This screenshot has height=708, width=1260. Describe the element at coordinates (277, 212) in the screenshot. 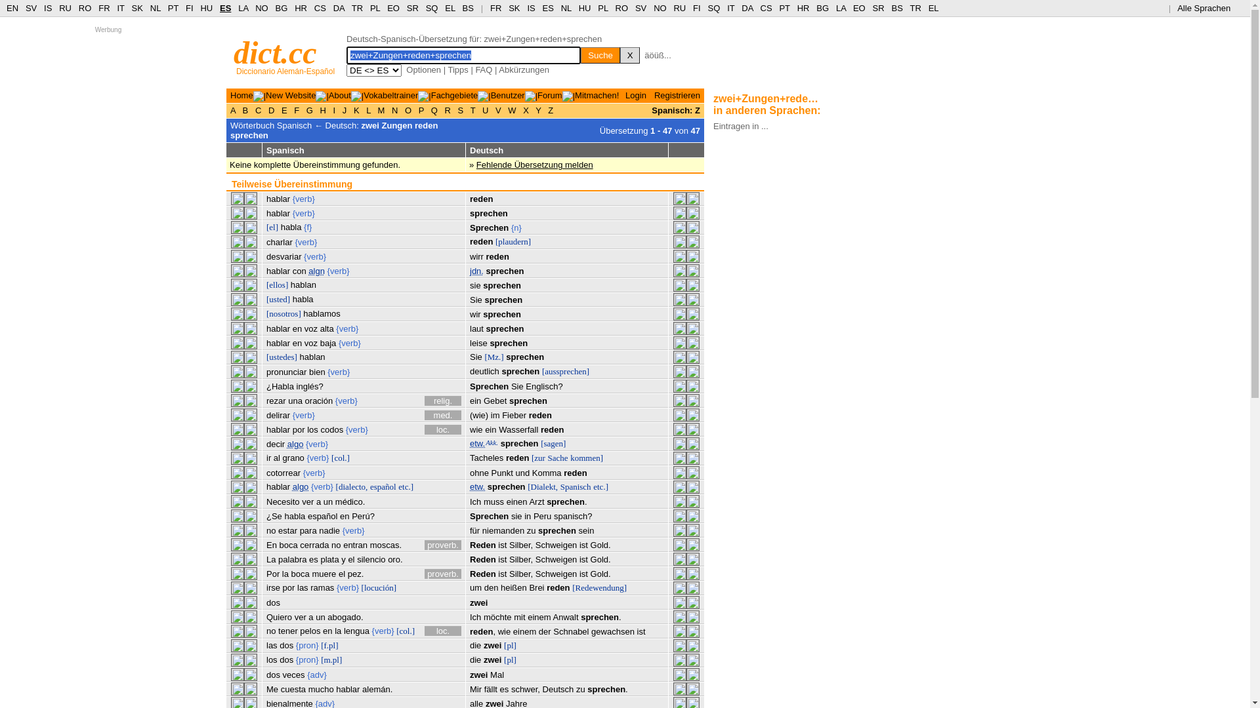

I see `'hablar'` at that location.